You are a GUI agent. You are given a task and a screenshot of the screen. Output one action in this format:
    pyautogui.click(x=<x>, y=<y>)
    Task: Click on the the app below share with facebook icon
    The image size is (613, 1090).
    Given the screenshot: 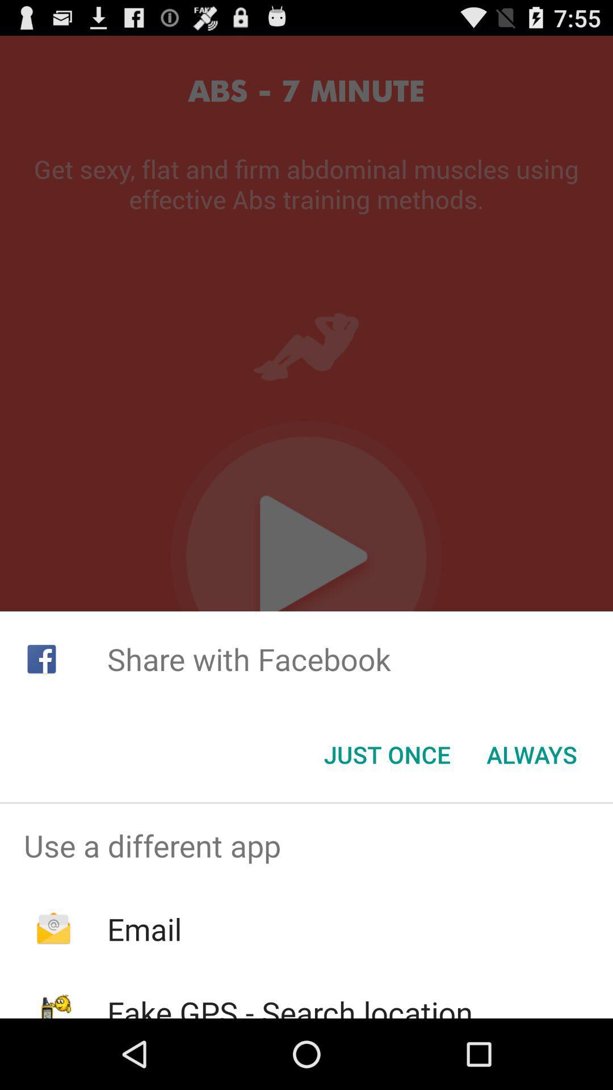 What is the action you would take?
    pyautogui.click(x=532, y=754)
    